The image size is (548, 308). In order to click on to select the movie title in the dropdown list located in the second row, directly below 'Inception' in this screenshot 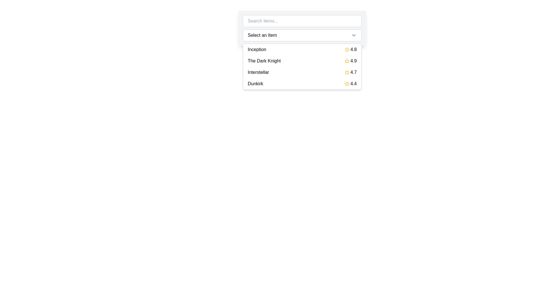, I will do `click(264, 61)`.